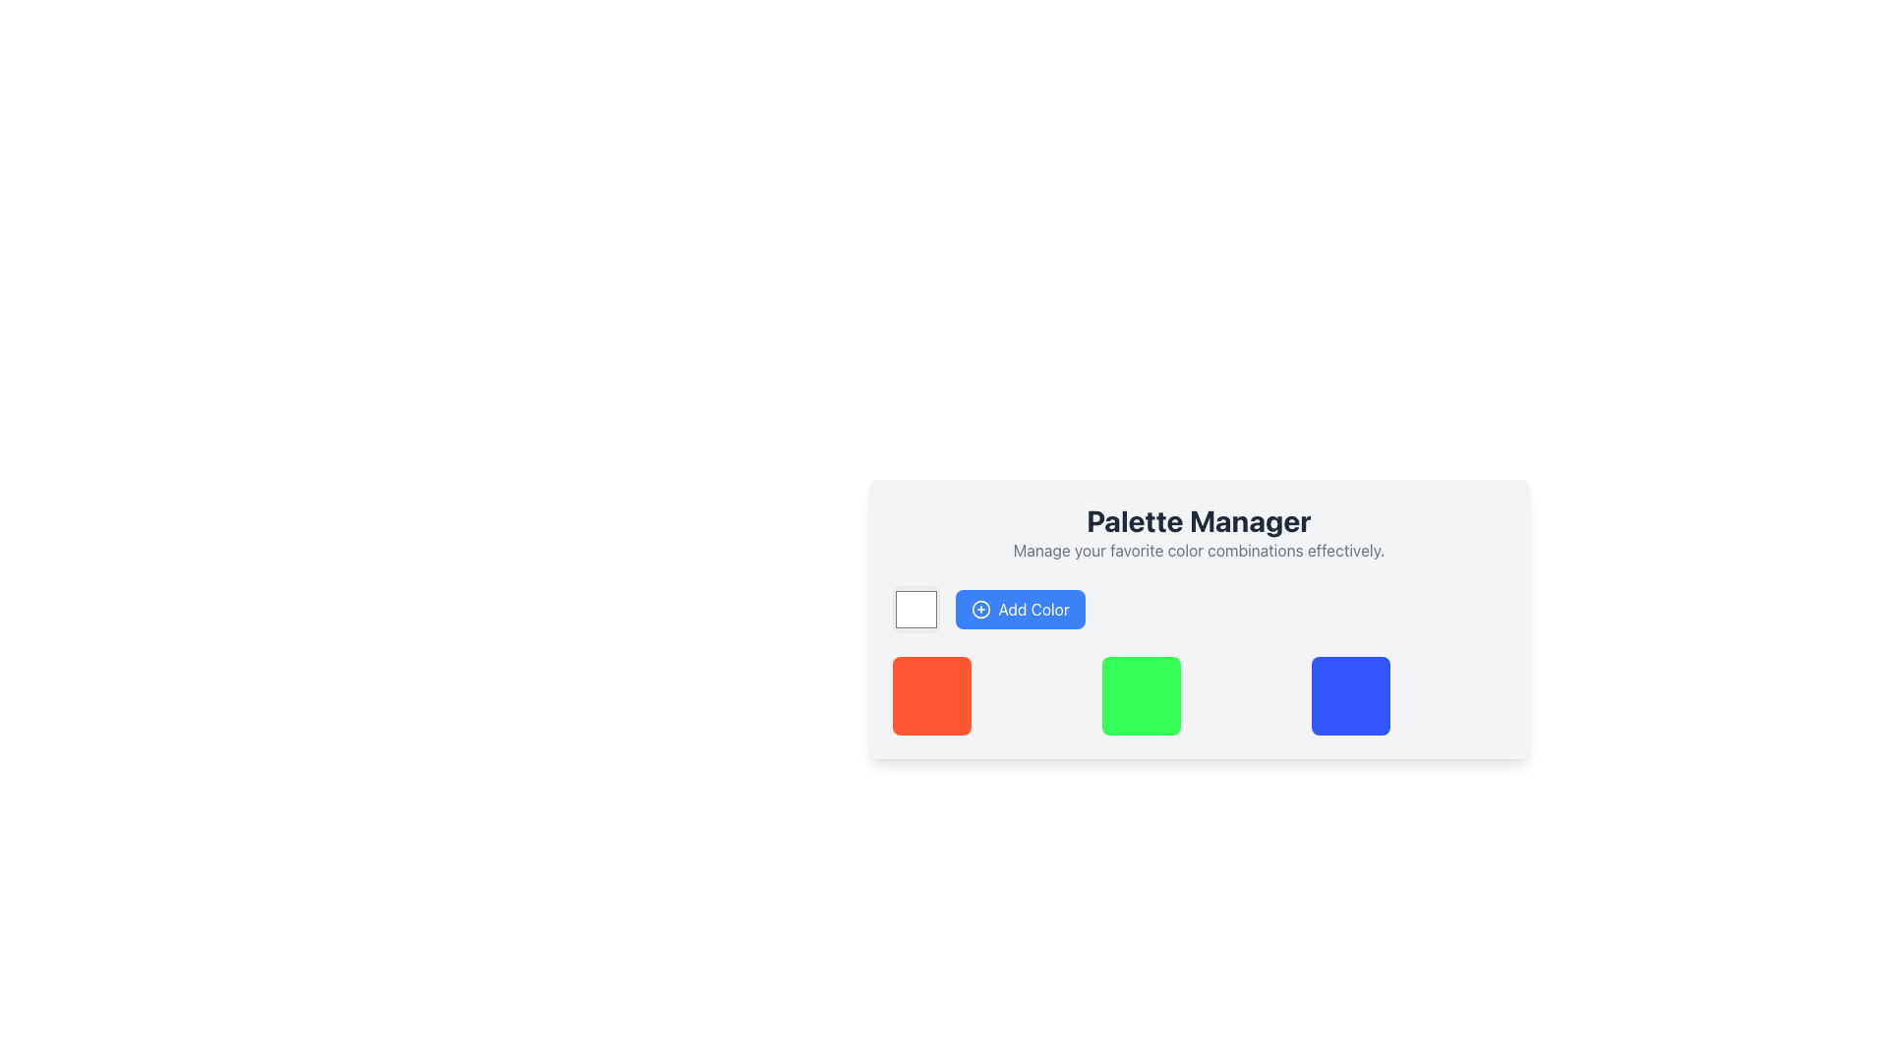  I want to click on the color addition button located to the right of the color selection box in the horizontal layout, so click(1020, 609).